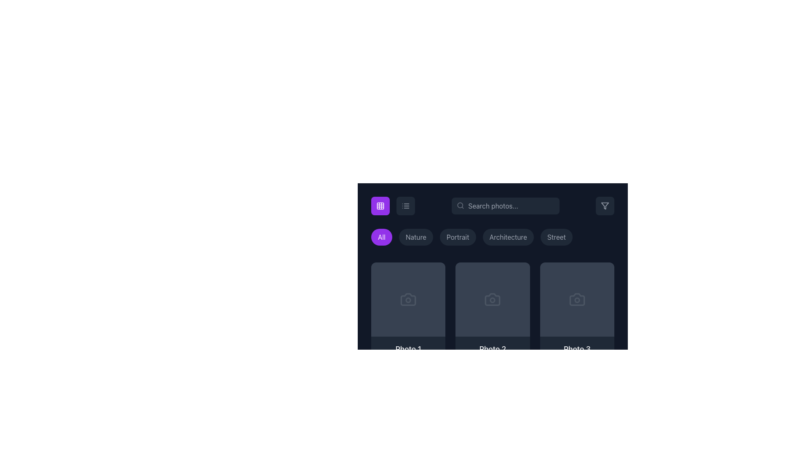  Describe the element at coordinates (555, 299) in the screenshot. I see `the interactive button located in the upper middle section of the third card in the horizontal grid layout to like the item` at that location.